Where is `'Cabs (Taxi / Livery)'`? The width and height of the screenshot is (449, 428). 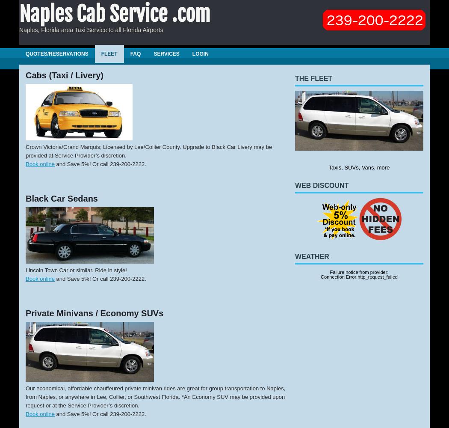 'Cabs (Taxi / Livery)' is located at coordinates (64, 75).